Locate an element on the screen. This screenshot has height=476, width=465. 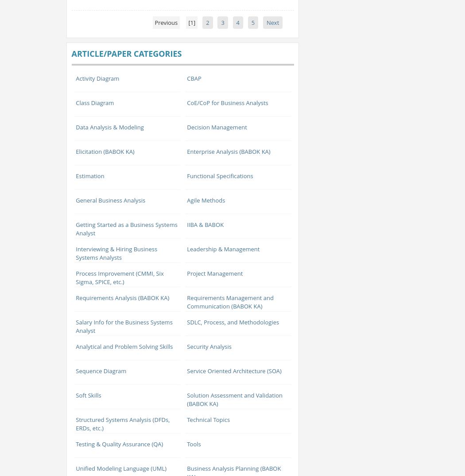
'Activity Diagram' is located at coordinates (97, 78).